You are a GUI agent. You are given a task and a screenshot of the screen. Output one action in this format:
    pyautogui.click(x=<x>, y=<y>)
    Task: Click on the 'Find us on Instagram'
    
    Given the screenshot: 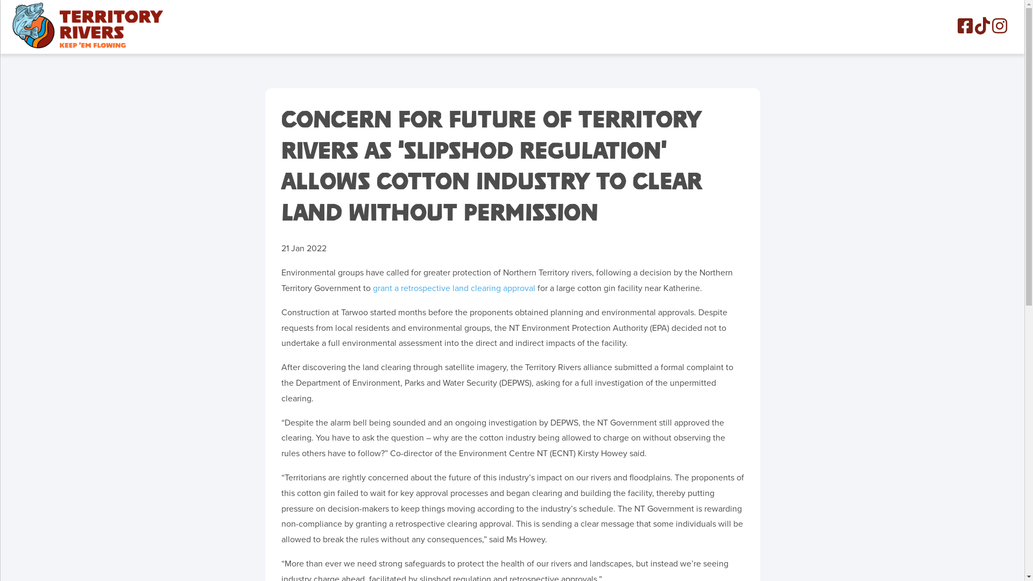 What is the action you would take?
    pyautogui.click(x=999, y=25)
    